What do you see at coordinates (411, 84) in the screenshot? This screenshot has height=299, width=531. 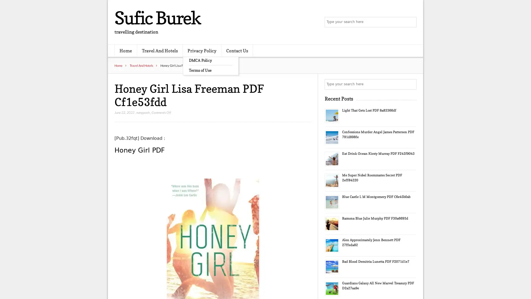 I see `Search` at bounding box center [411, 84].